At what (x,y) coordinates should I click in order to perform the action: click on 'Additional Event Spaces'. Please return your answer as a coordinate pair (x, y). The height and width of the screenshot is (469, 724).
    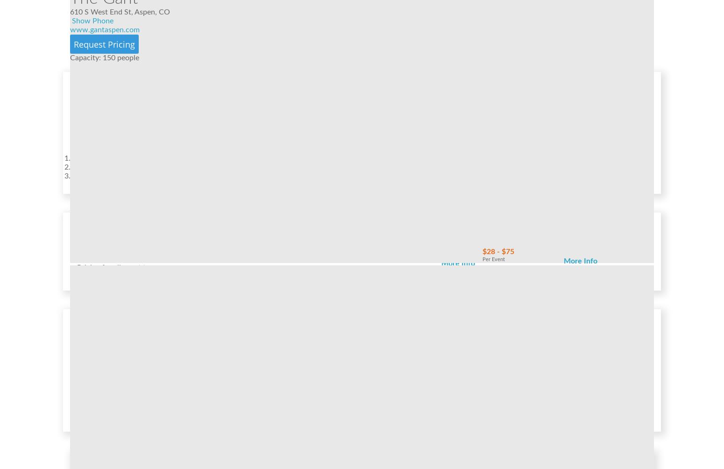
    Looking at the image, I should click on (104, 345).